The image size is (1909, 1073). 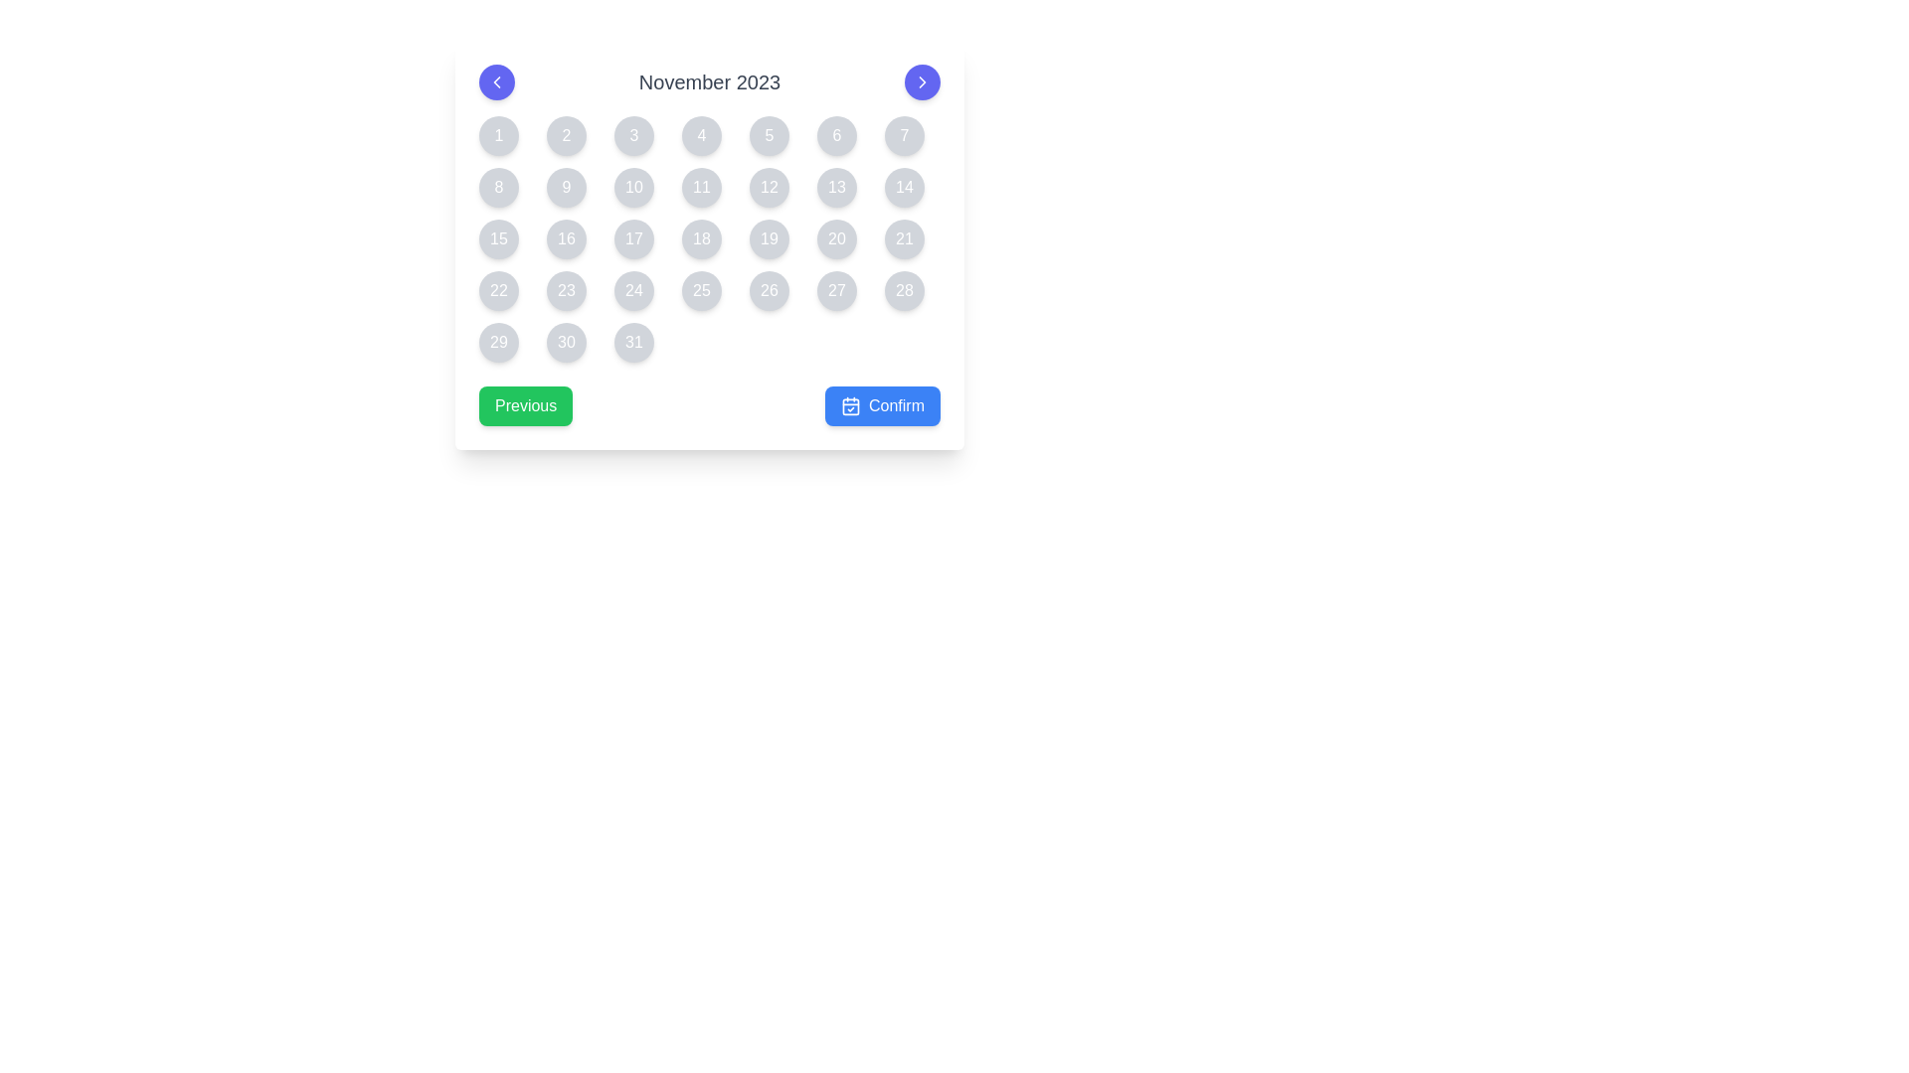 What do you see at coordinates (566, 188) in the screenshot?
I see `the date button labeled '9' in the calendar interface` at bounding box center [566, 188].